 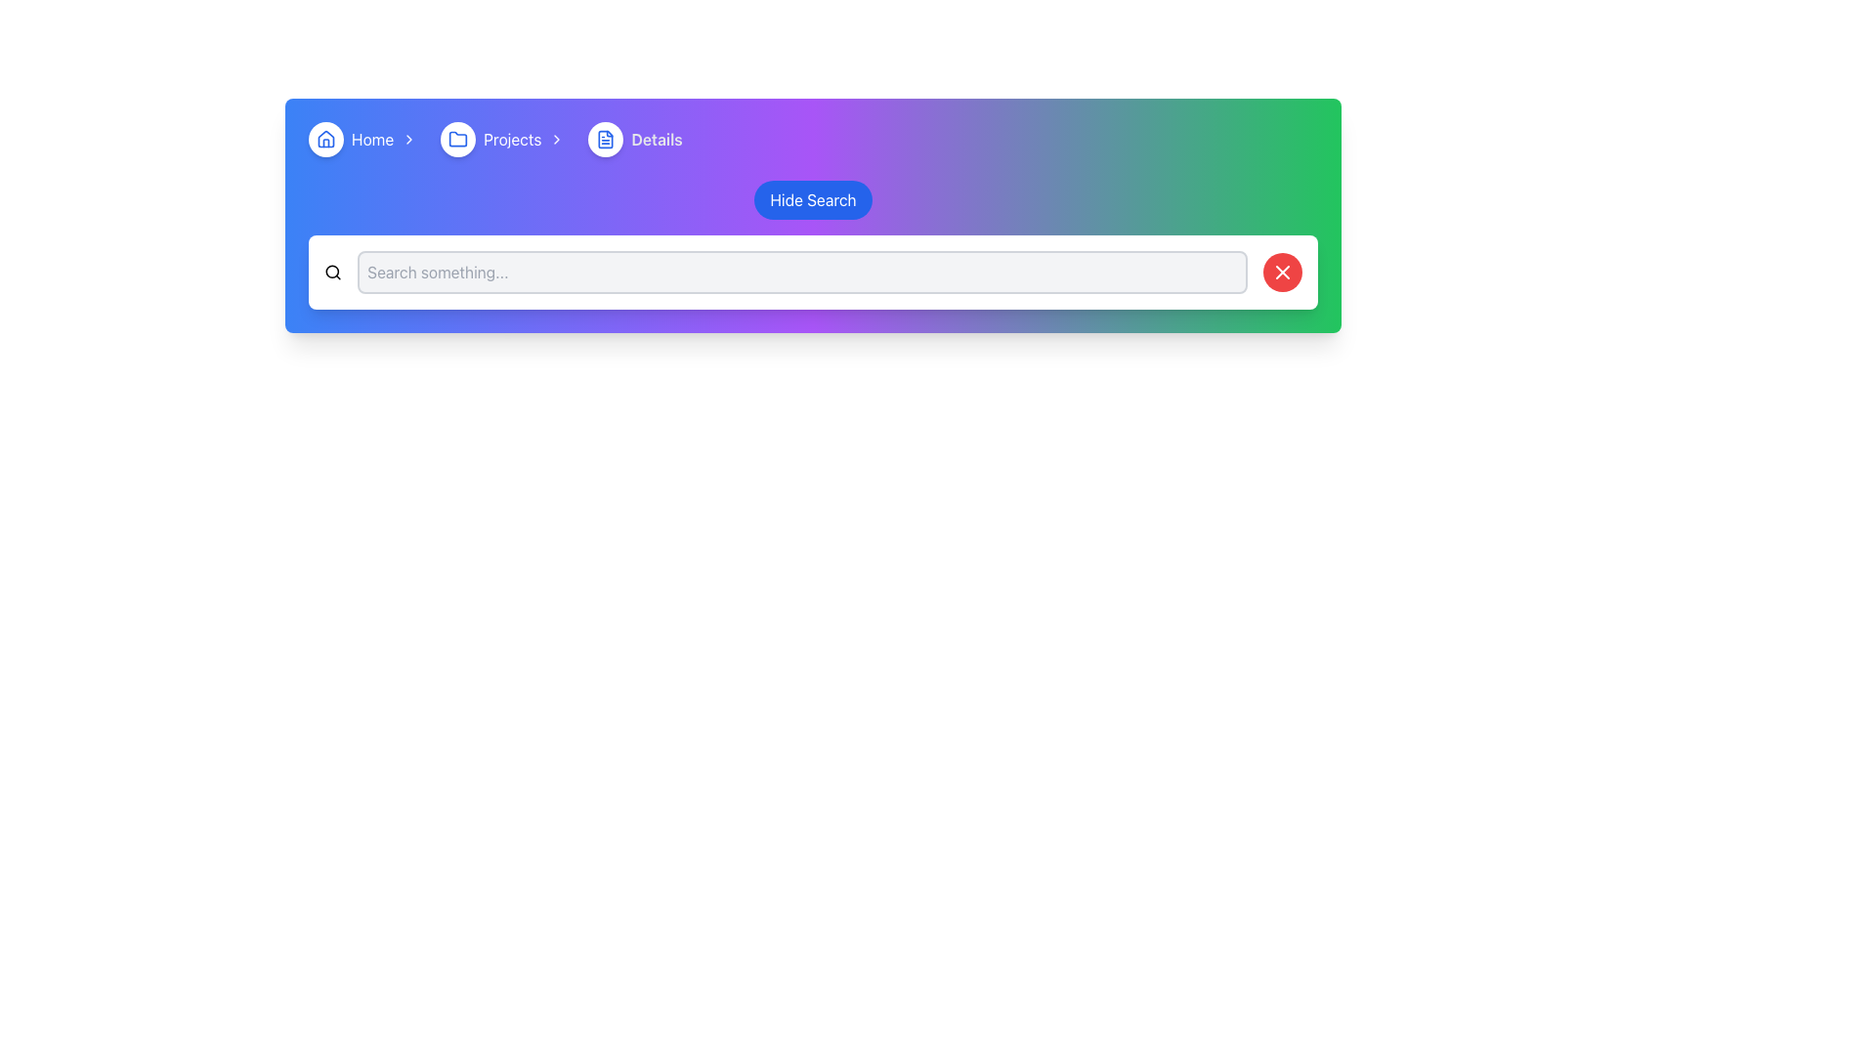 I want to click on the Breadcrumb Separator Icon, which is an arrow icon pointing to the right, located between the 'Home' text and another breadcrumb separator icon in the breadcrumb navigation bar, so click(x=408, y=138).